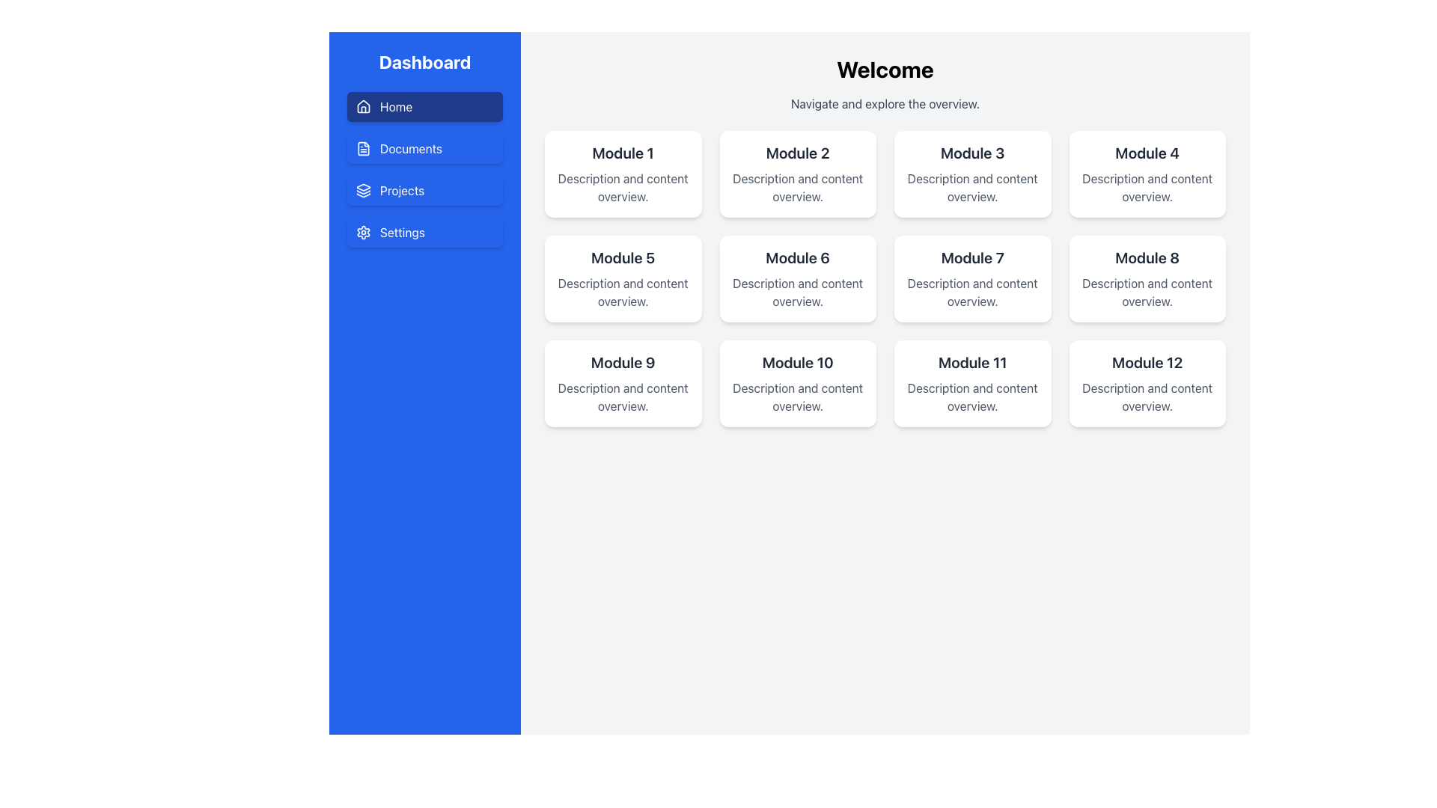  What do you see at coordinates (972, 279) in the screenshot?
I see `the Card representing Module 7, which displays its title and brief description, located in the second row and third column of the grid layout` at bounding box center [972, 279].